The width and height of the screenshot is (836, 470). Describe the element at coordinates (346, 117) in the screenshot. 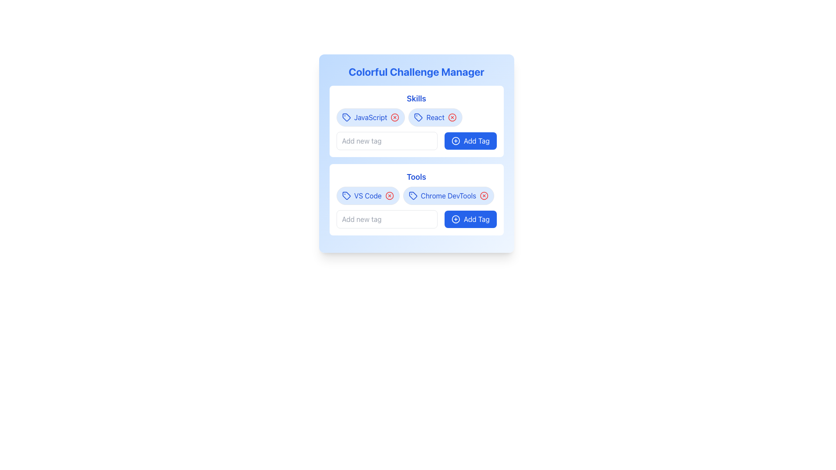

I see `the decorative icon shaped like a tag with a blue border and white background located in the 'Skills' section, near the 'JavaScript' label and to the left of the red deletion button` at that location.